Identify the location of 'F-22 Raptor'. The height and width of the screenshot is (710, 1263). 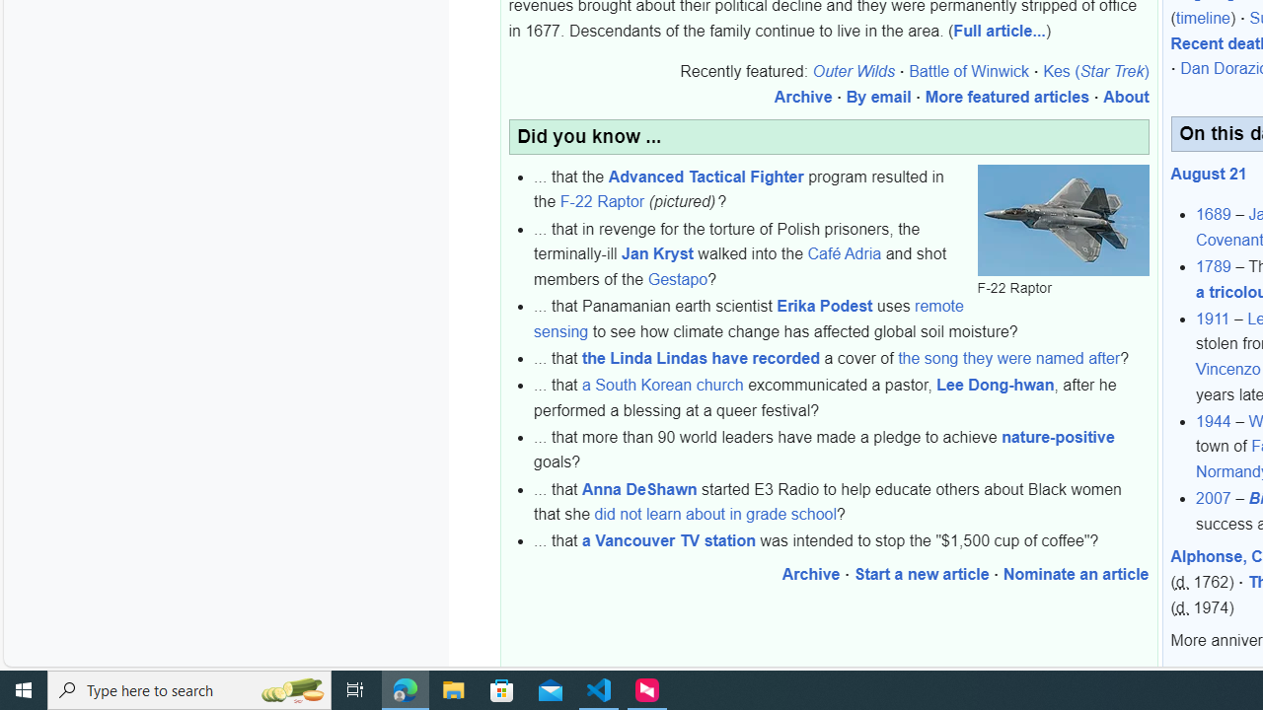
(1062, 220).